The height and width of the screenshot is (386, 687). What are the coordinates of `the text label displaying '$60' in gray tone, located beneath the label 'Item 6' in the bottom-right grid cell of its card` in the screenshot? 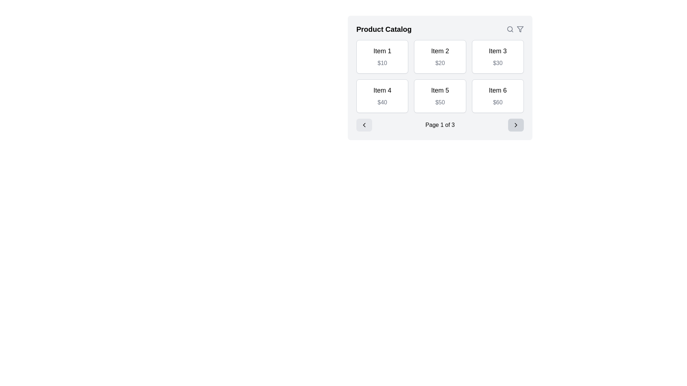 It's located at (497, 102).